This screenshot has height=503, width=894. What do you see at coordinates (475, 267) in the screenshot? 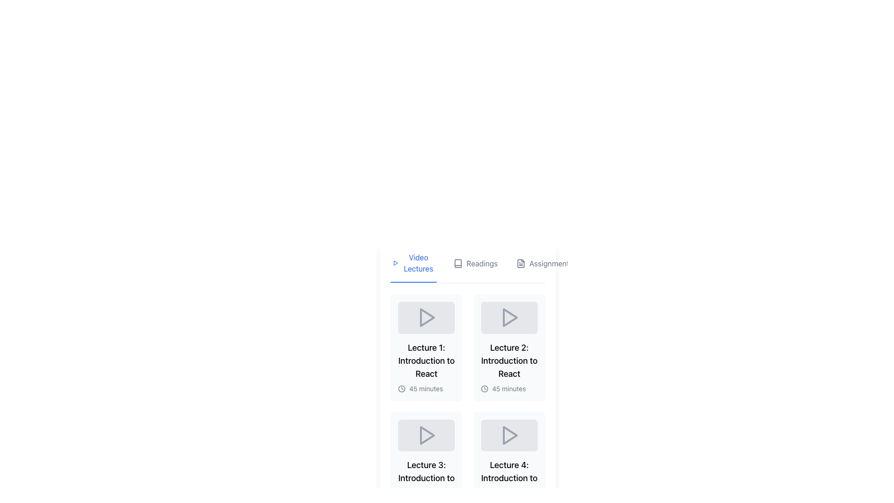
I see `the Interactive Tab located between the 'Video Lectures' tab and the 'Assignments' tab` at bounding box center [475, 267].